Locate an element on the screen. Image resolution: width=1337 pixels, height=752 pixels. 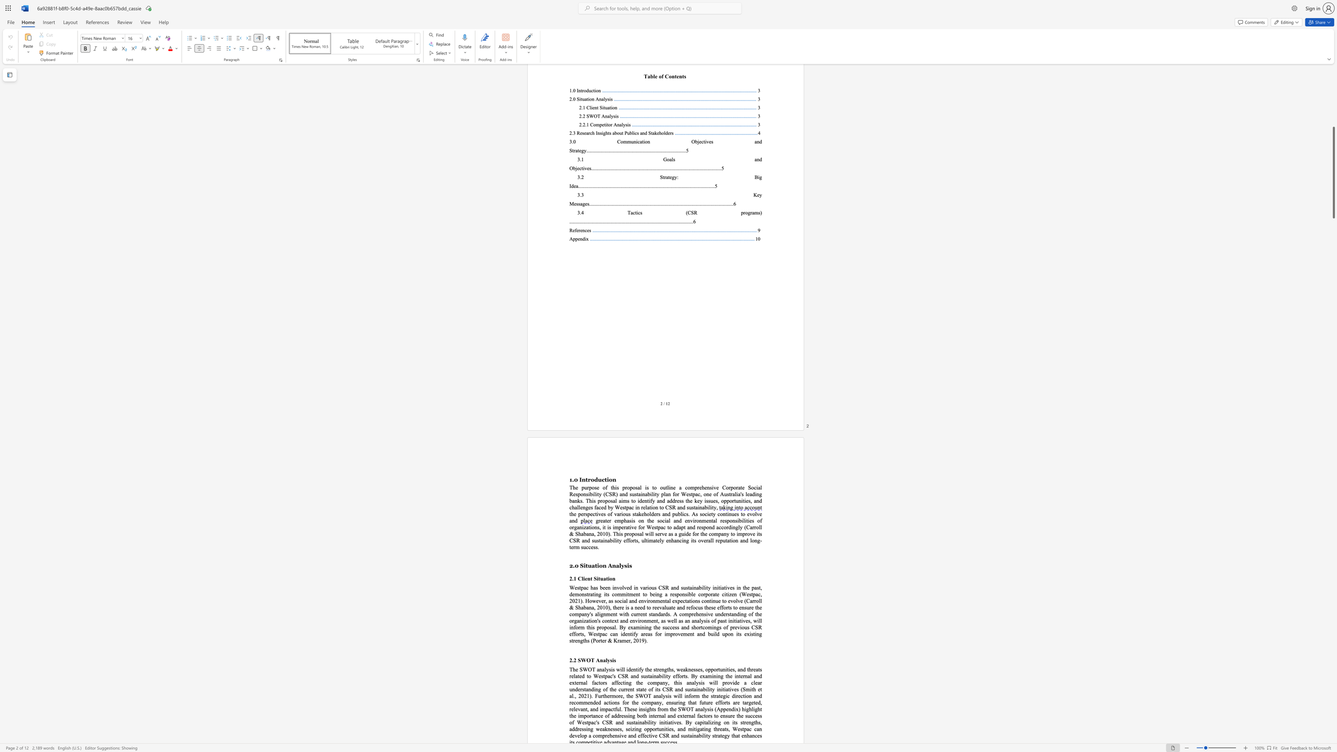
the subset text "ectives of various stakeholders and publics. As society continues to evolv" within the text "the perspectives of various stakeholders and publics. As society continues to evolve and" is located at coordinates (590, 514).